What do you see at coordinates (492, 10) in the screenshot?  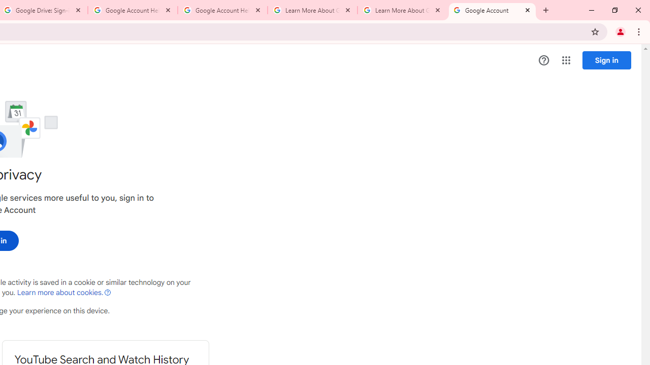 I see `'Google Account'` at bounding box center [492, 10].